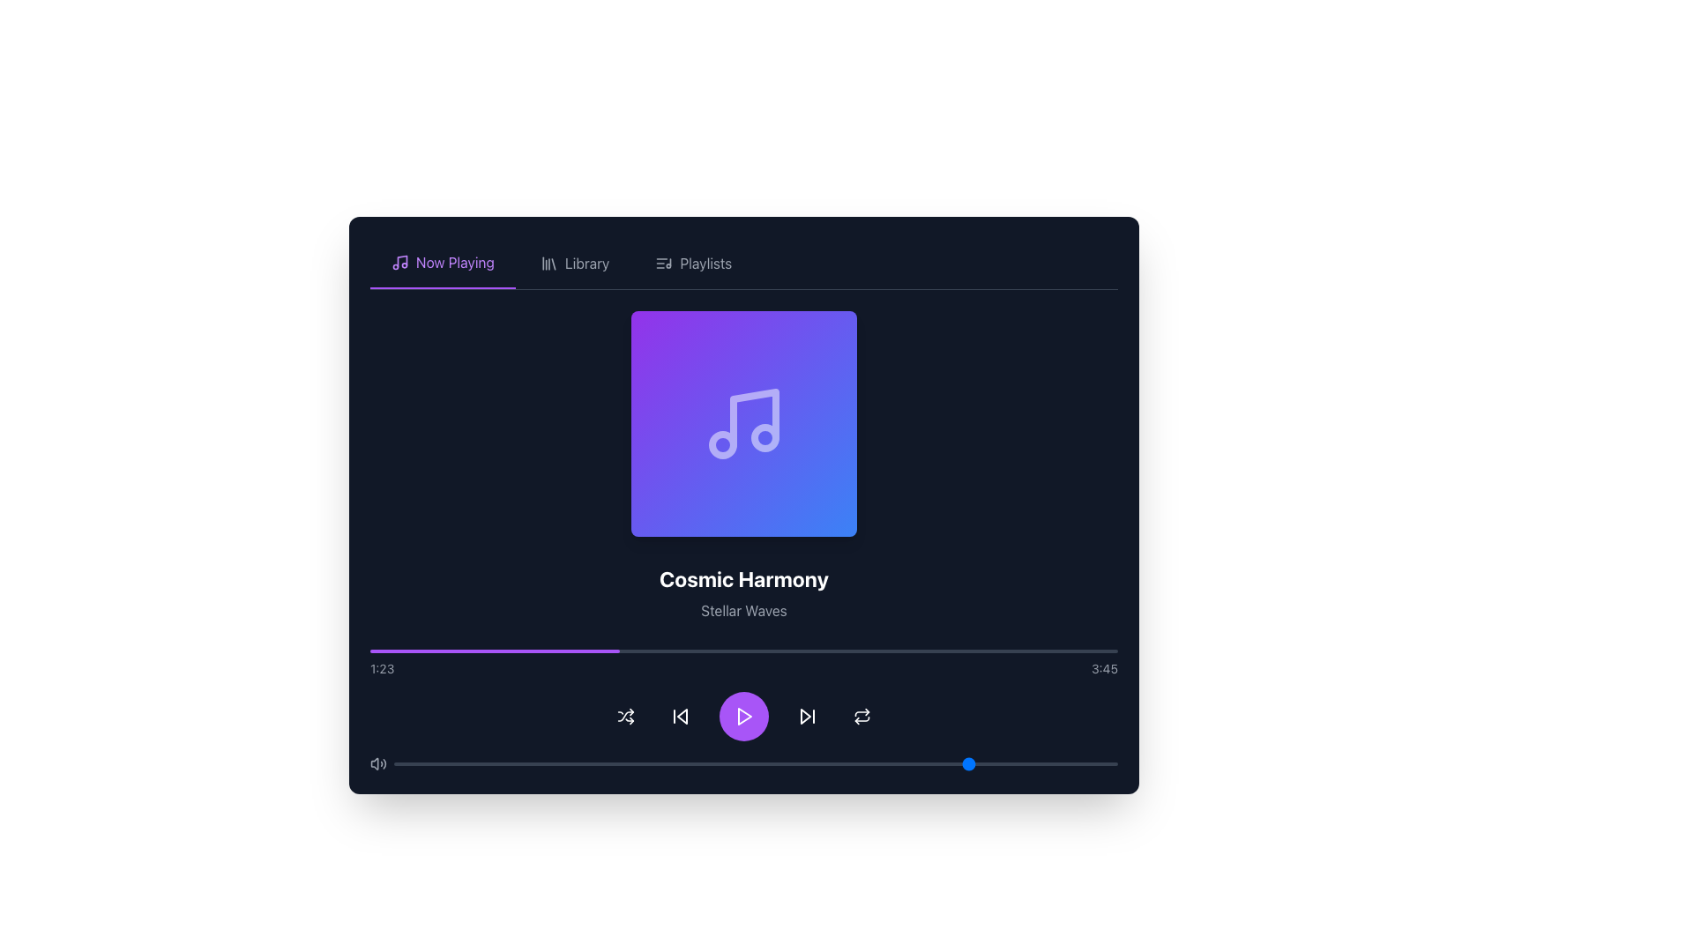 This screenshot has width=1693, height=952. Describe the element at coordinates (437, 763) in the screenshot. I see `the slider` at that location.